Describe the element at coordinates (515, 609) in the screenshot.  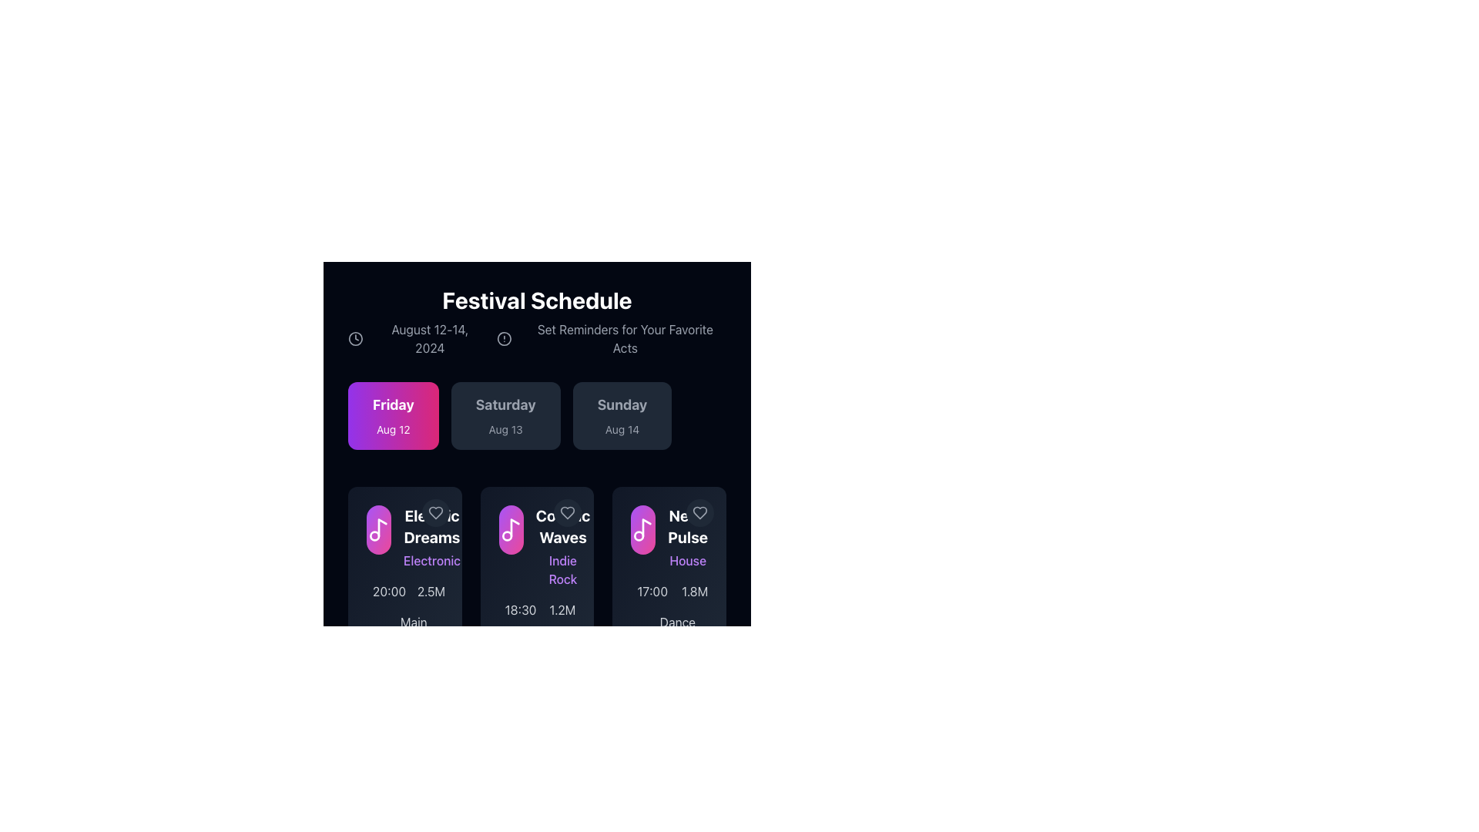
I see `the label displaying the time '18:30' which is styled in gray, positioned below the title and description for 'Co Waves', and adjacent to a clock icon` at that location.